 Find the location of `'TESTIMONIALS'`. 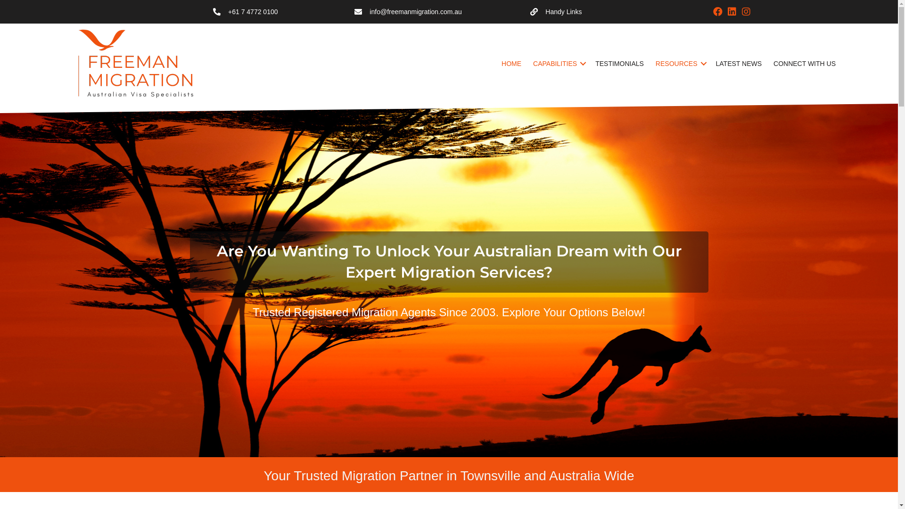

'TESTIMONIALS' is located at coordinates (619, 64).